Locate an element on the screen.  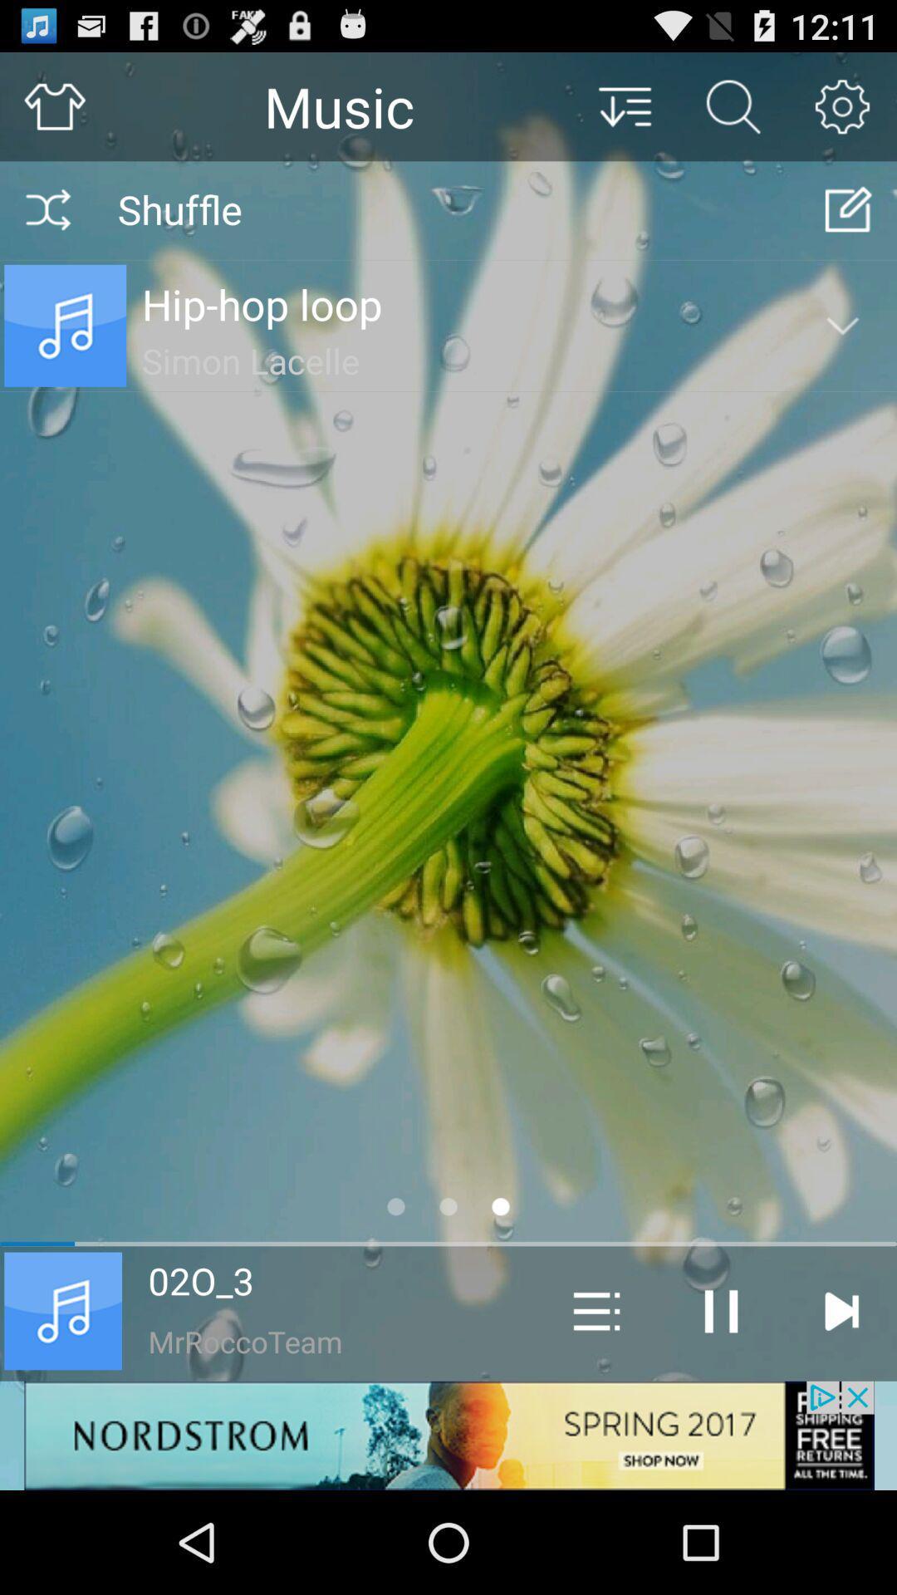
the settings icon is located at coordinates (842, 113).